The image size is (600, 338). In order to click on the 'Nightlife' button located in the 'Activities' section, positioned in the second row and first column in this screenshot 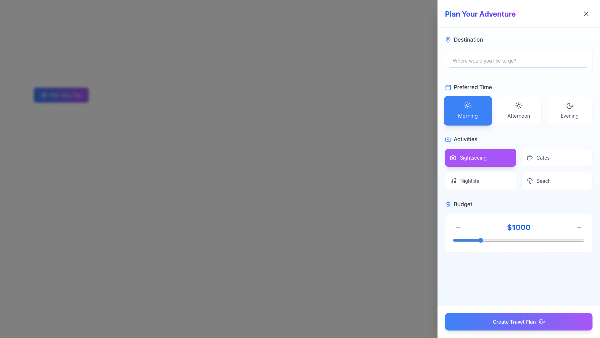, I will do `click(480, 181)`.